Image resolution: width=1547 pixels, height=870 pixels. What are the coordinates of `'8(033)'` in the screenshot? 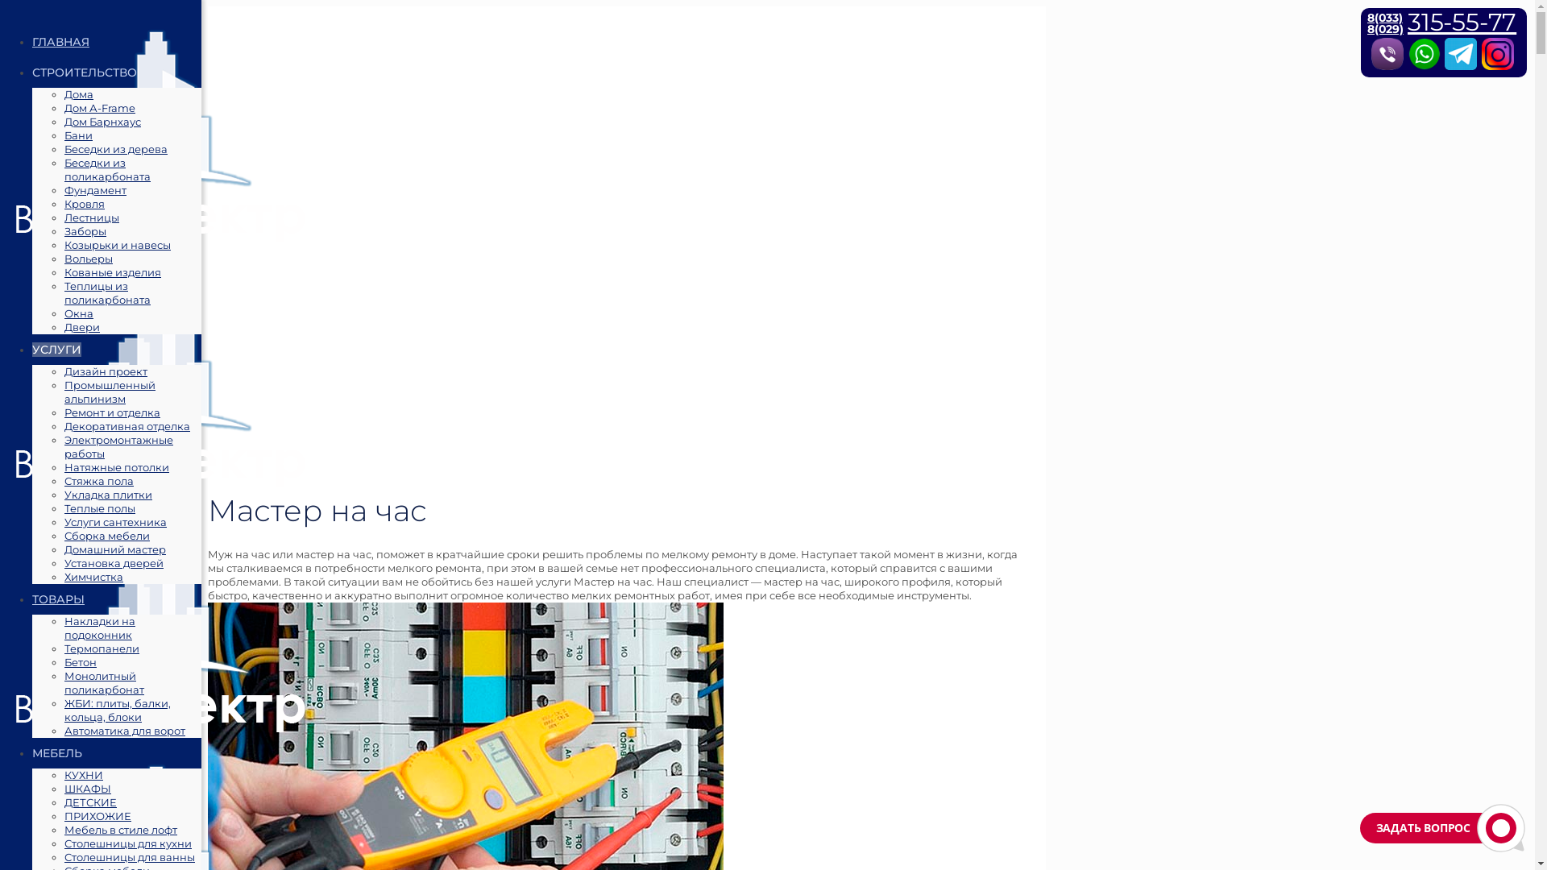 It's located at (1383, 18).